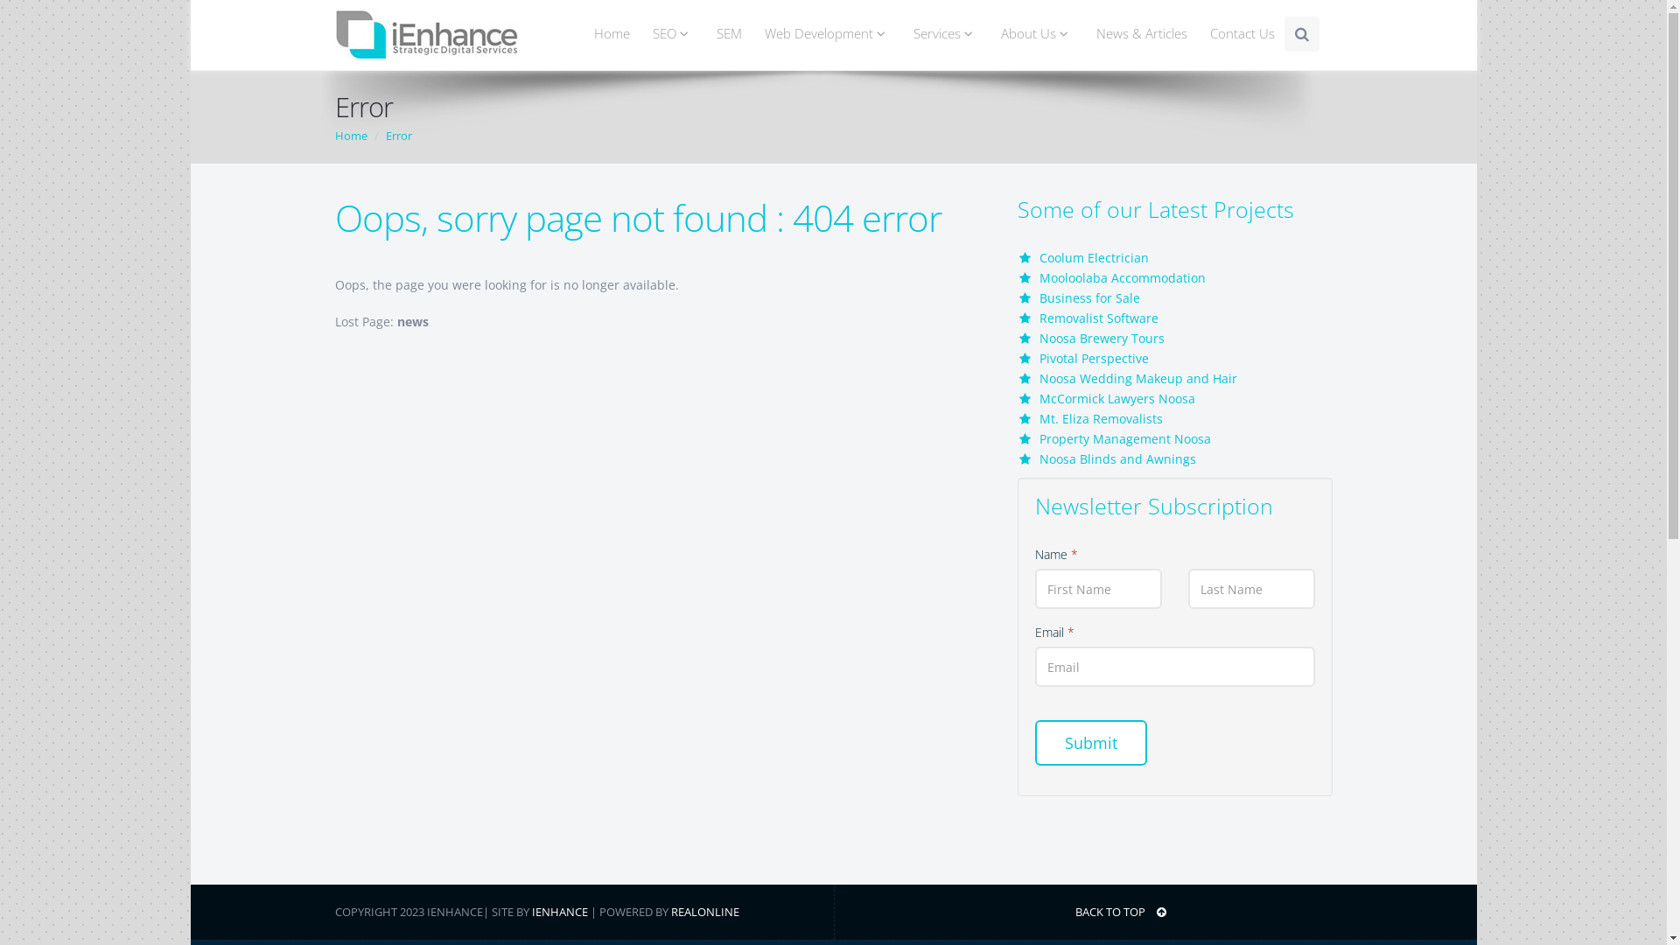 The width and height of the screenshot is (1680, 945). I want to click on 'Services', so click(944, 33).